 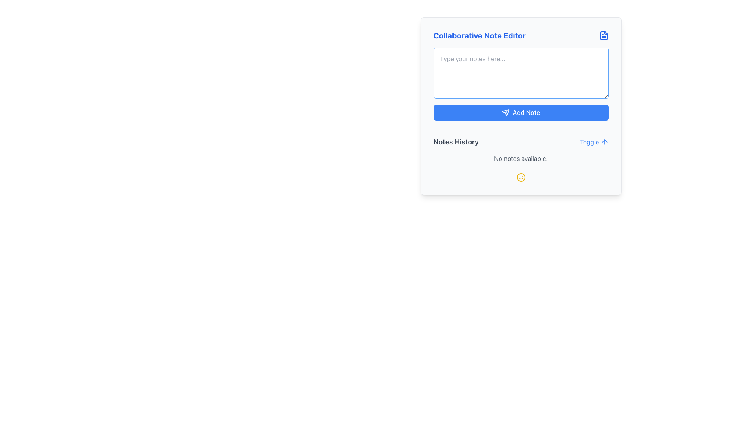 What do you see at coordinates (521, 112) in the screenshot?
I see `the 'Add Note' button with a vibrant blue background and white text, located in the center region of the 'Collaborative Note Editor' card` at bounding box center [521, 112].